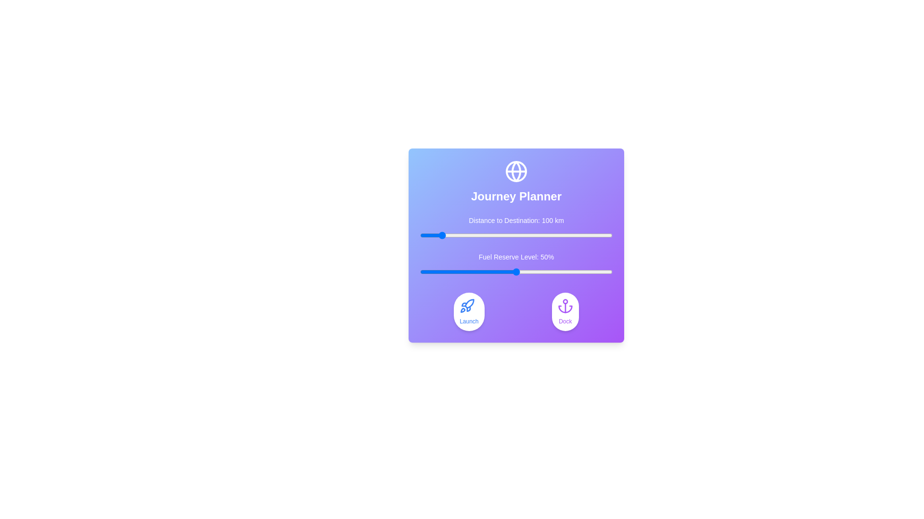 This screenshot has width=924, height=519. Describe the element at coordinates (450, 235) in the screenshot. I see `the distance slider to 159 km` at that location.